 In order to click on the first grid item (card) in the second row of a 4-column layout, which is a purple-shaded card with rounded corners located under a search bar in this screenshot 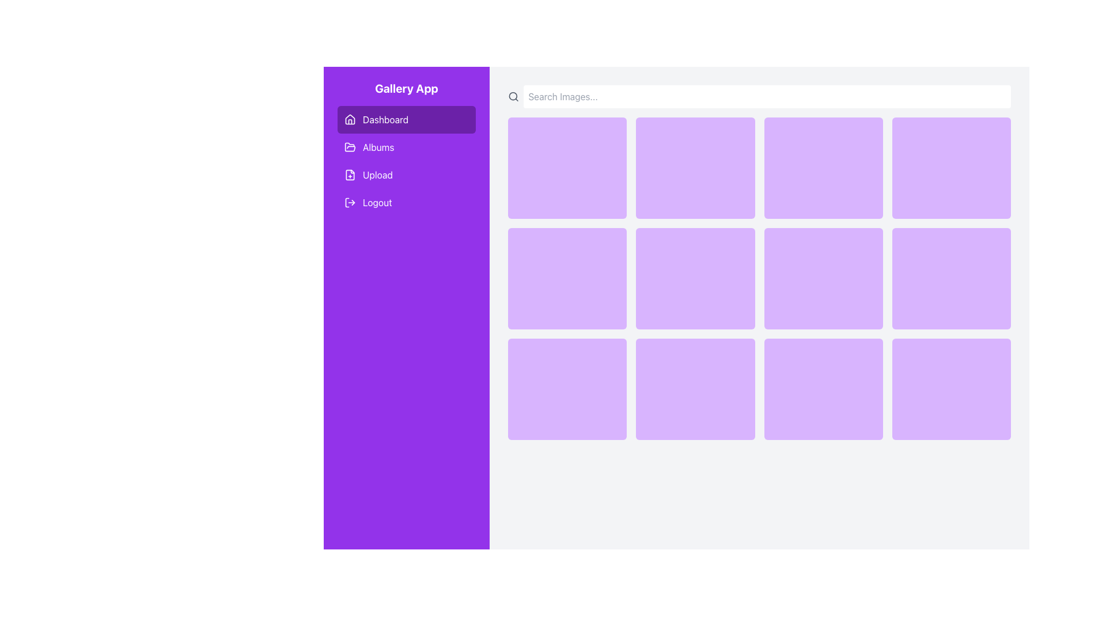, I will do `click(567, 278)`.